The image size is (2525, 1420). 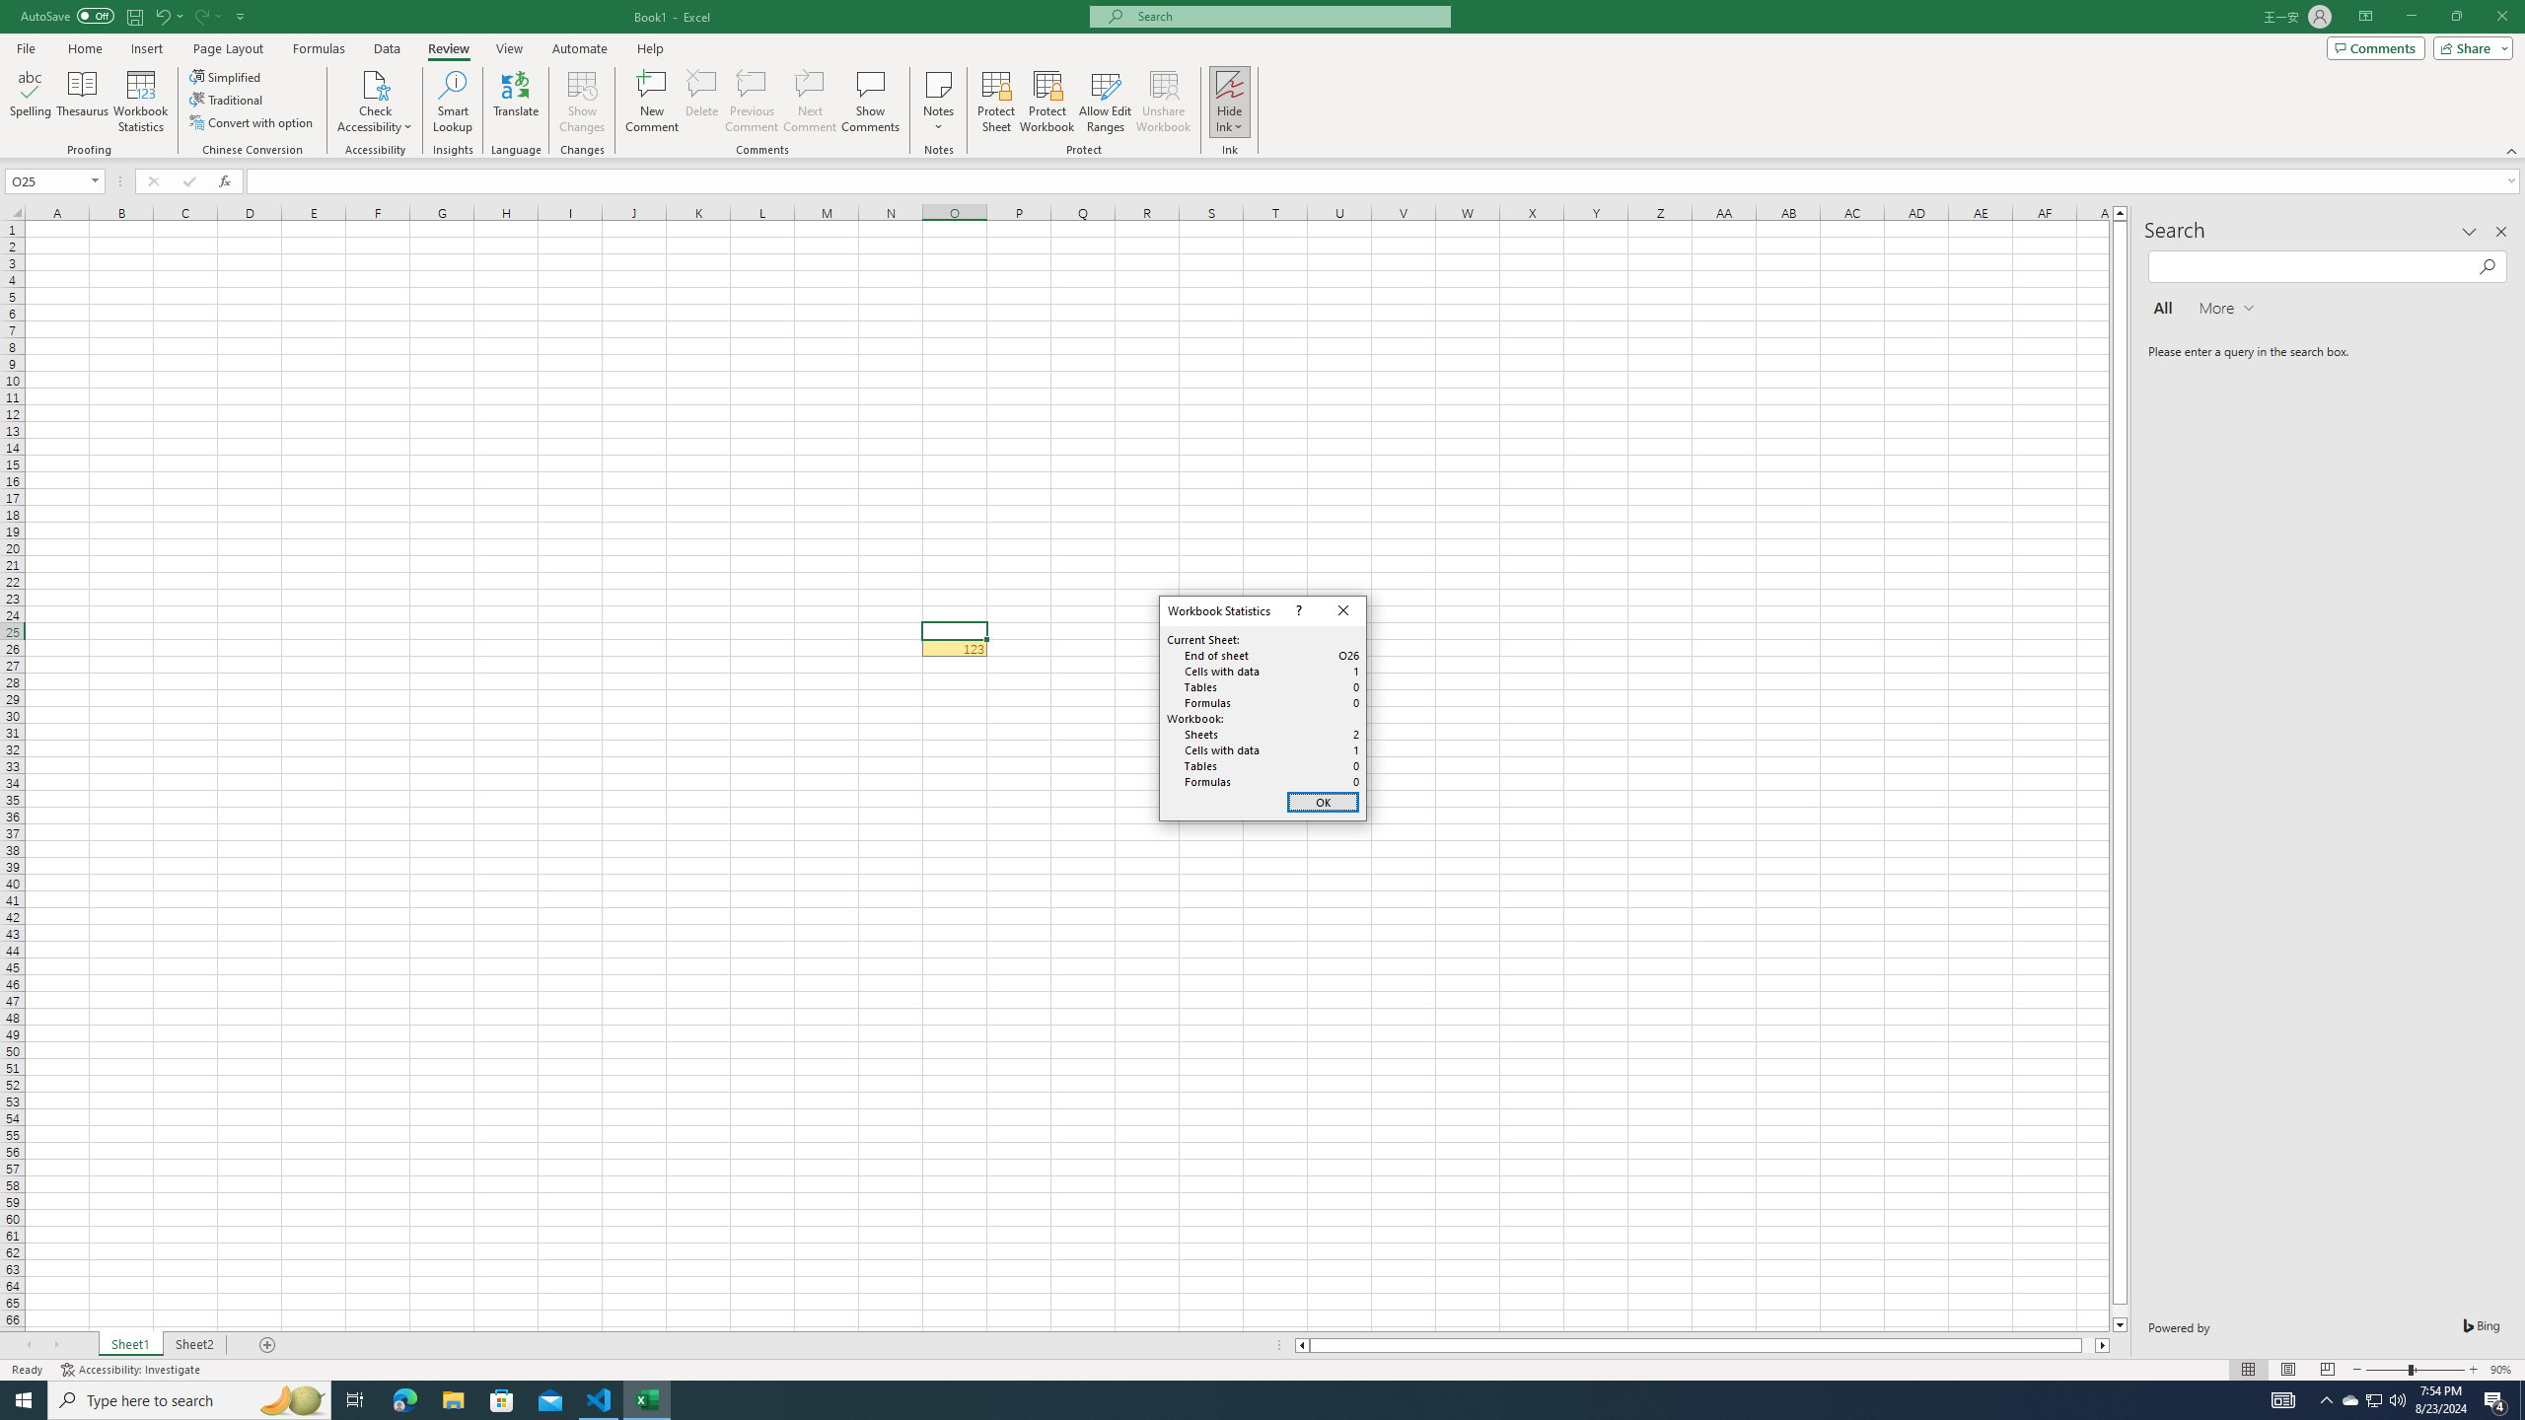 What do you see at coordinates (133, 15) in the screenshot?
I see `'Save'` at bounding box center [133, 15].